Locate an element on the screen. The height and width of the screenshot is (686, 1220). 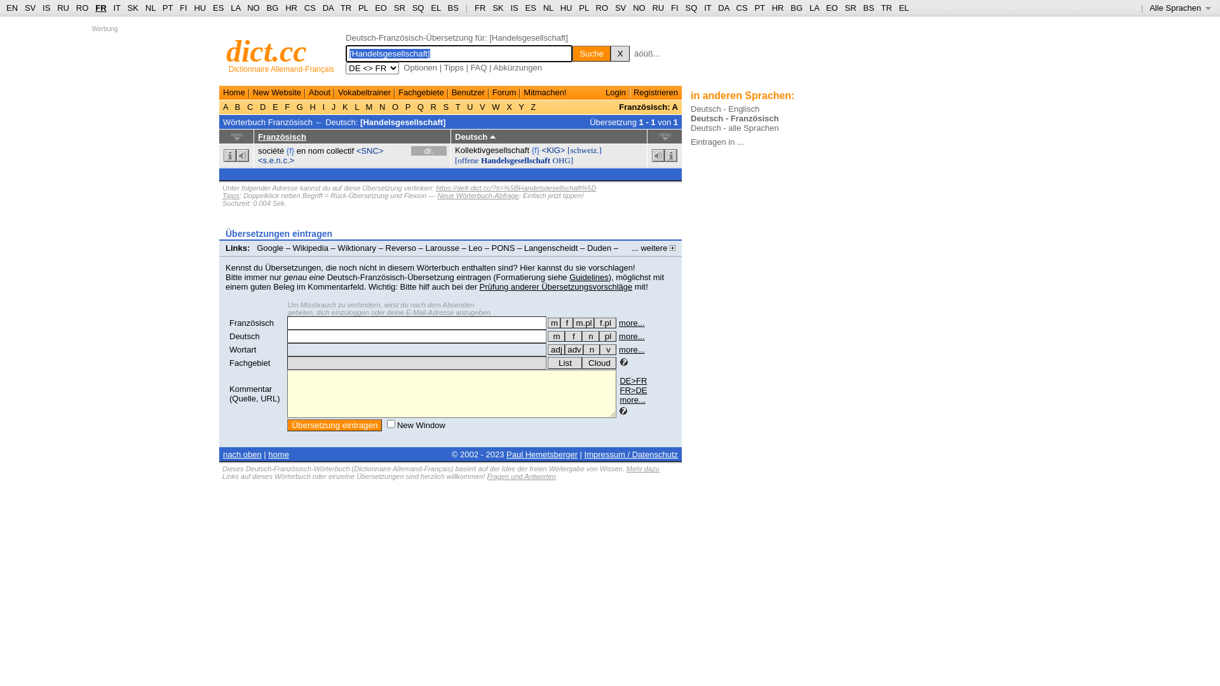
'Google' is located at coordinates (255, 248).